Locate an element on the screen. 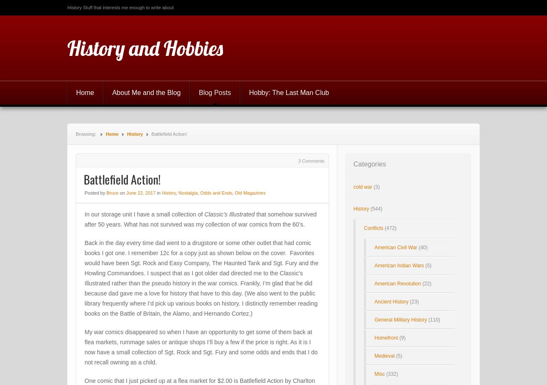 The width and height of the screenshot is (547, 385). 'Ancient History' is located at coordinates (391, 301).